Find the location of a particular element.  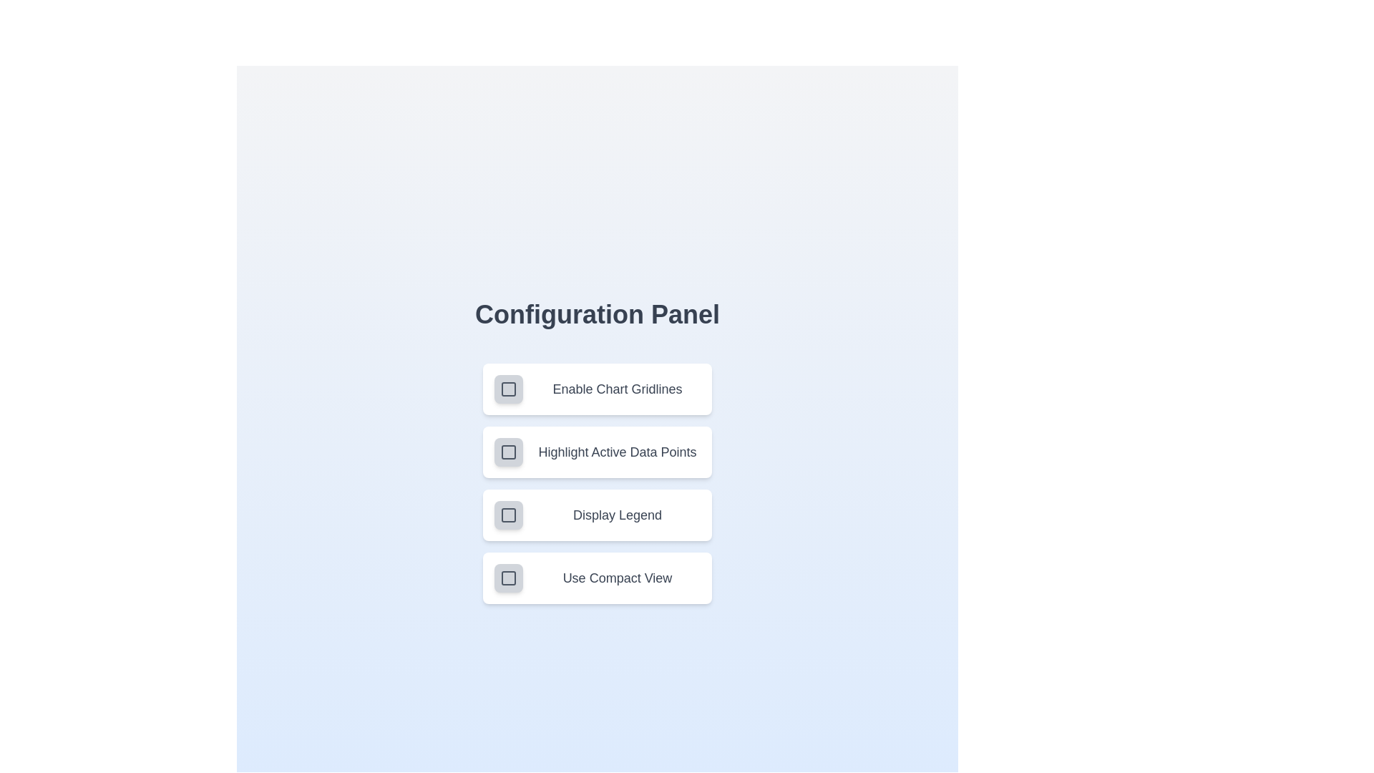

the setting corresponding to Highlight Active Data Points is located at coordinates (508, 452).